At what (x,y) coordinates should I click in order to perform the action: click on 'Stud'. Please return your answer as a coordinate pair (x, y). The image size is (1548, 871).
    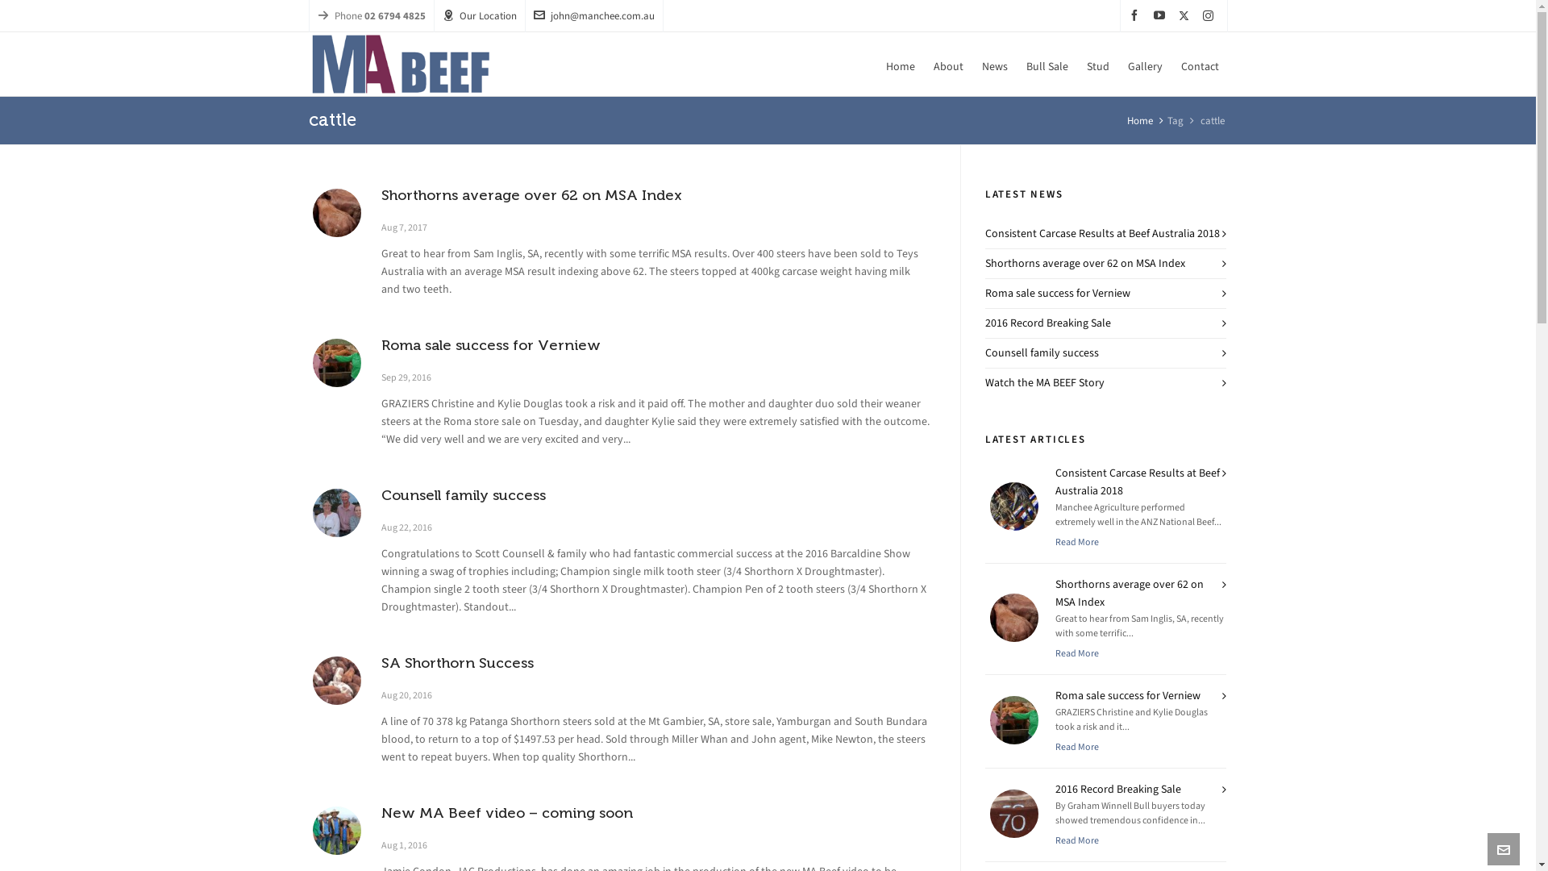
    Looking at the image, I should click on (1096, 64).